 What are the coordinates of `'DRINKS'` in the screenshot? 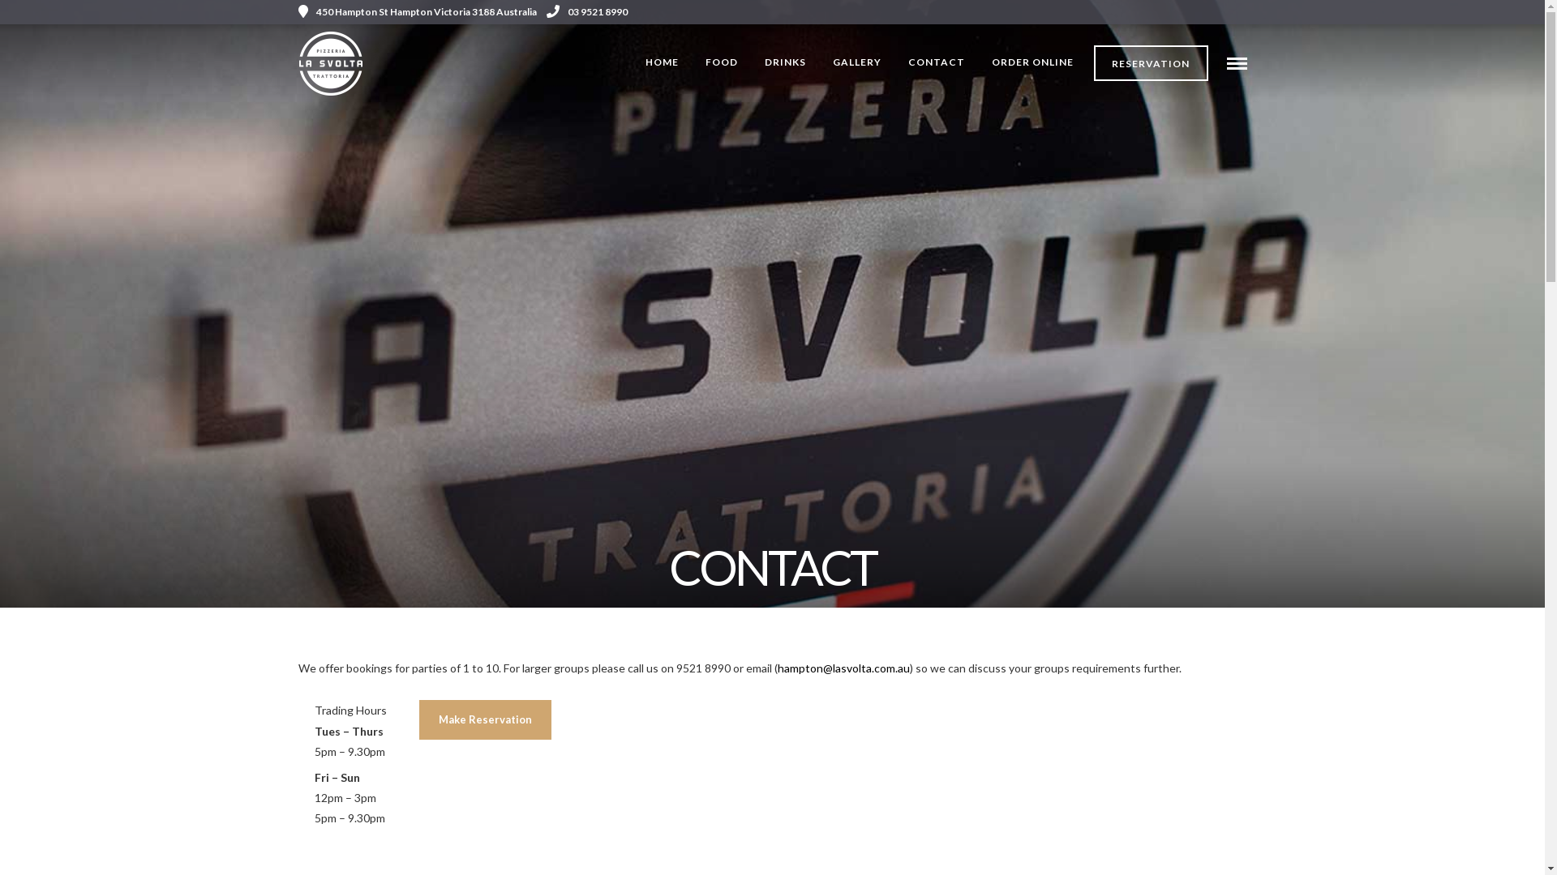 It's located at (785, 62).